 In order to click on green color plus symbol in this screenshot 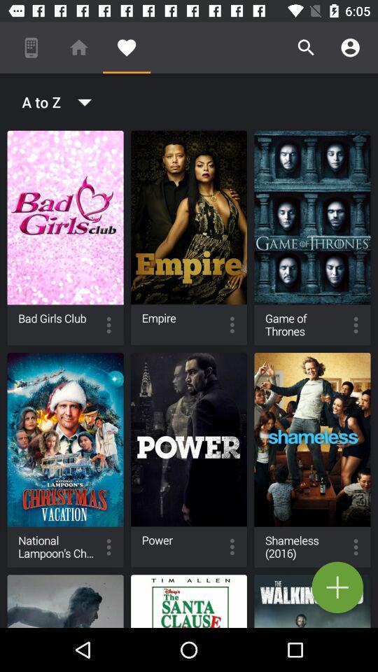, I will do `click(337, 587)`.